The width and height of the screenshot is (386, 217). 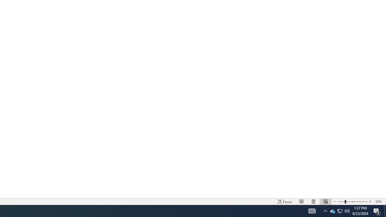 What do you see at coordinates (284, 202) in the screenshot?
I see `'Focus '` at bounding box center [284, 202].